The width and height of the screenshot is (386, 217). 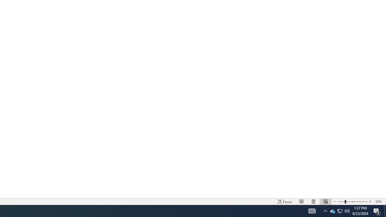 What do you see at coordinates (284, 202) in the screenshot?
I see `'Focus '` at bounding box center [284, 202].